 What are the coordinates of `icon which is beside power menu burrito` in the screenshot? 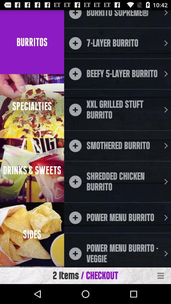 It's located at (75, 218).